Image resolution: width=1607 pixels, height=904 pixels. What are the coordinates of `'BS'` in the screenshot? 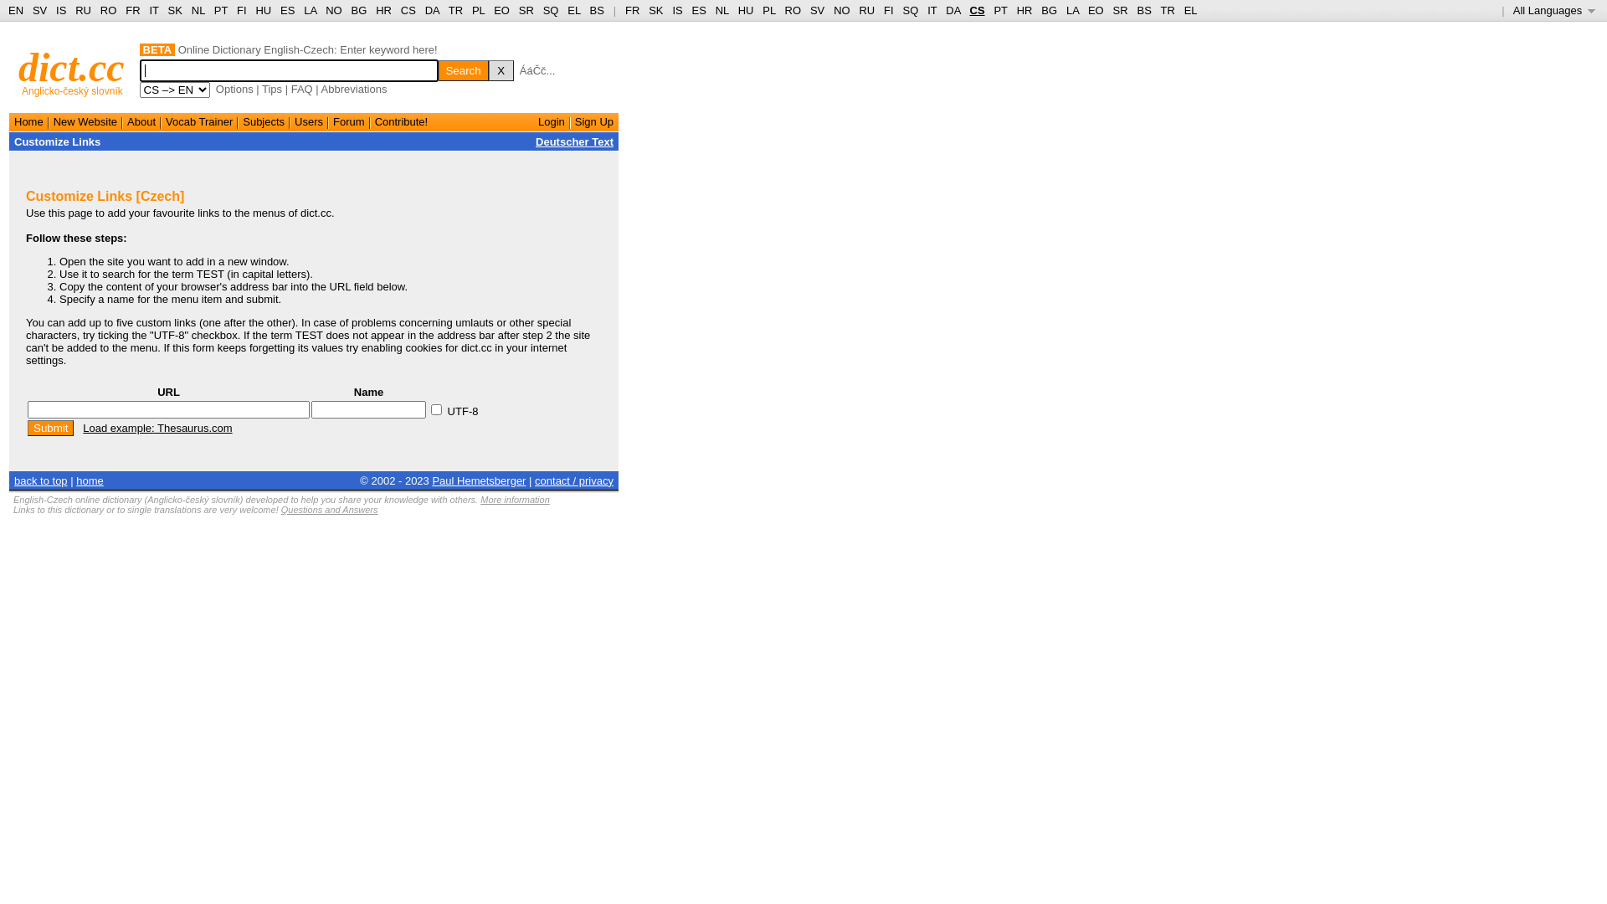 It's located at (590, 10).